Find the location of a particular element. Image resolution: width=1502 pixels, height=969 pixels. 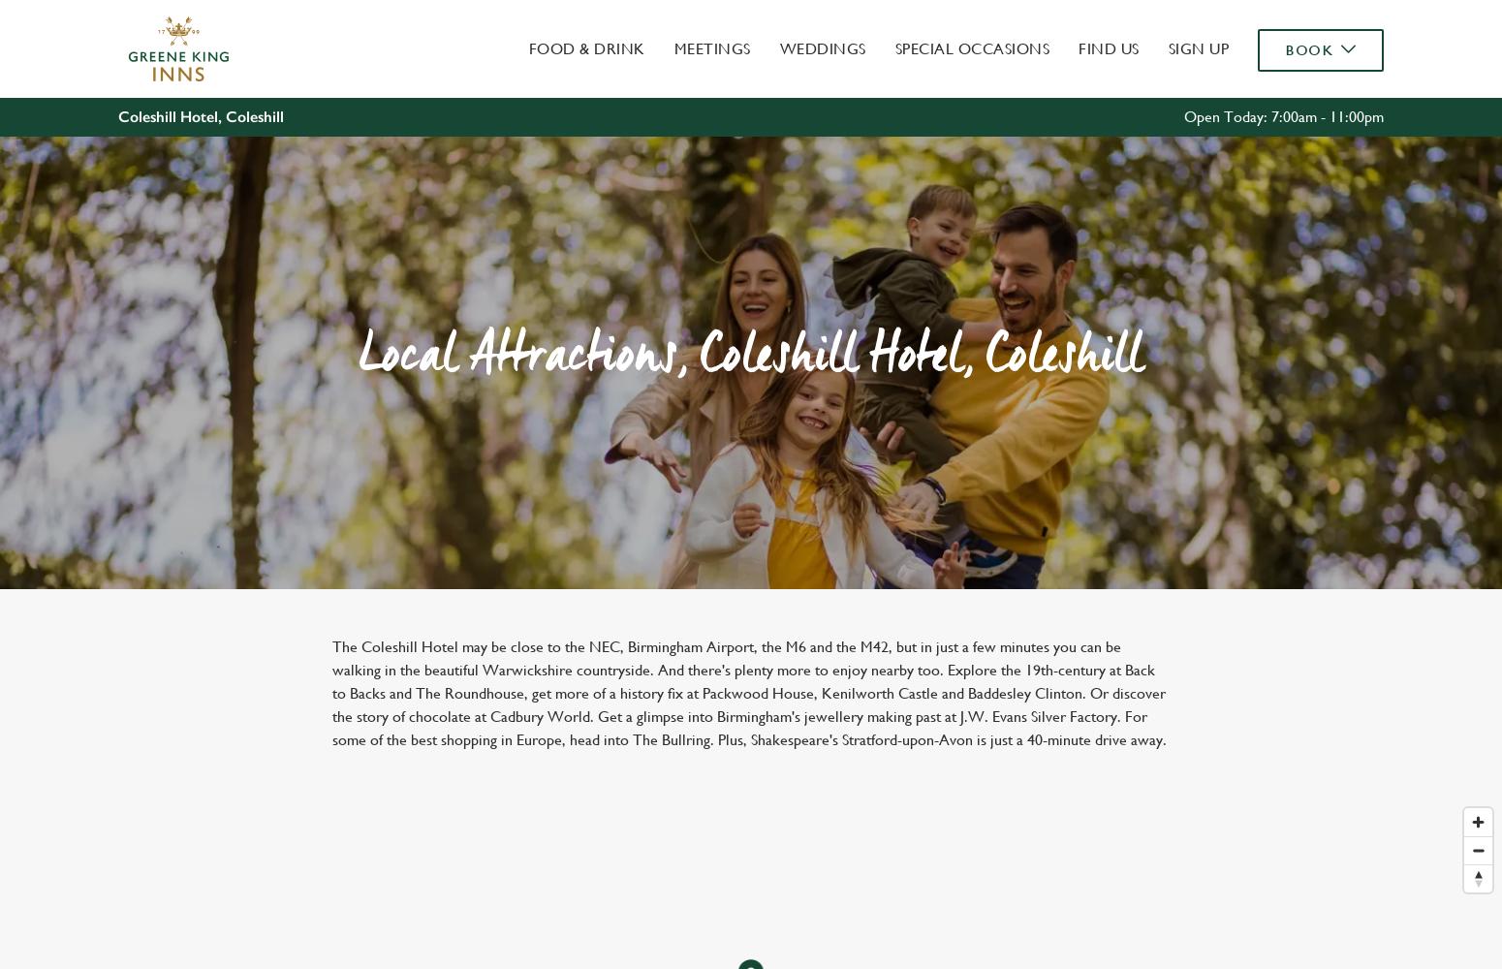

'Statistics' is located at coordinates (623, 177).